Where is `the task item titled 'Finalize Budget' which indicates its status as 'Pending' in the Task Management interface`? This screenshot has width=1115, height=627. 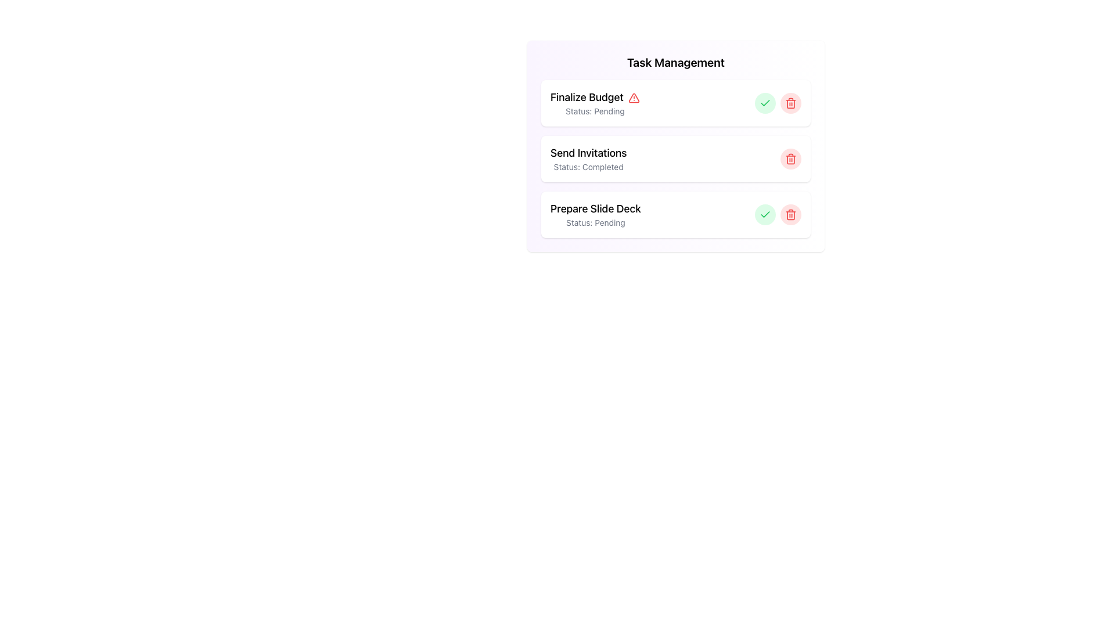 the task item titled 'Finalize Budget' which indicates its status as 'Pending' in the Task Management interface is located at coordinates (675, 102).